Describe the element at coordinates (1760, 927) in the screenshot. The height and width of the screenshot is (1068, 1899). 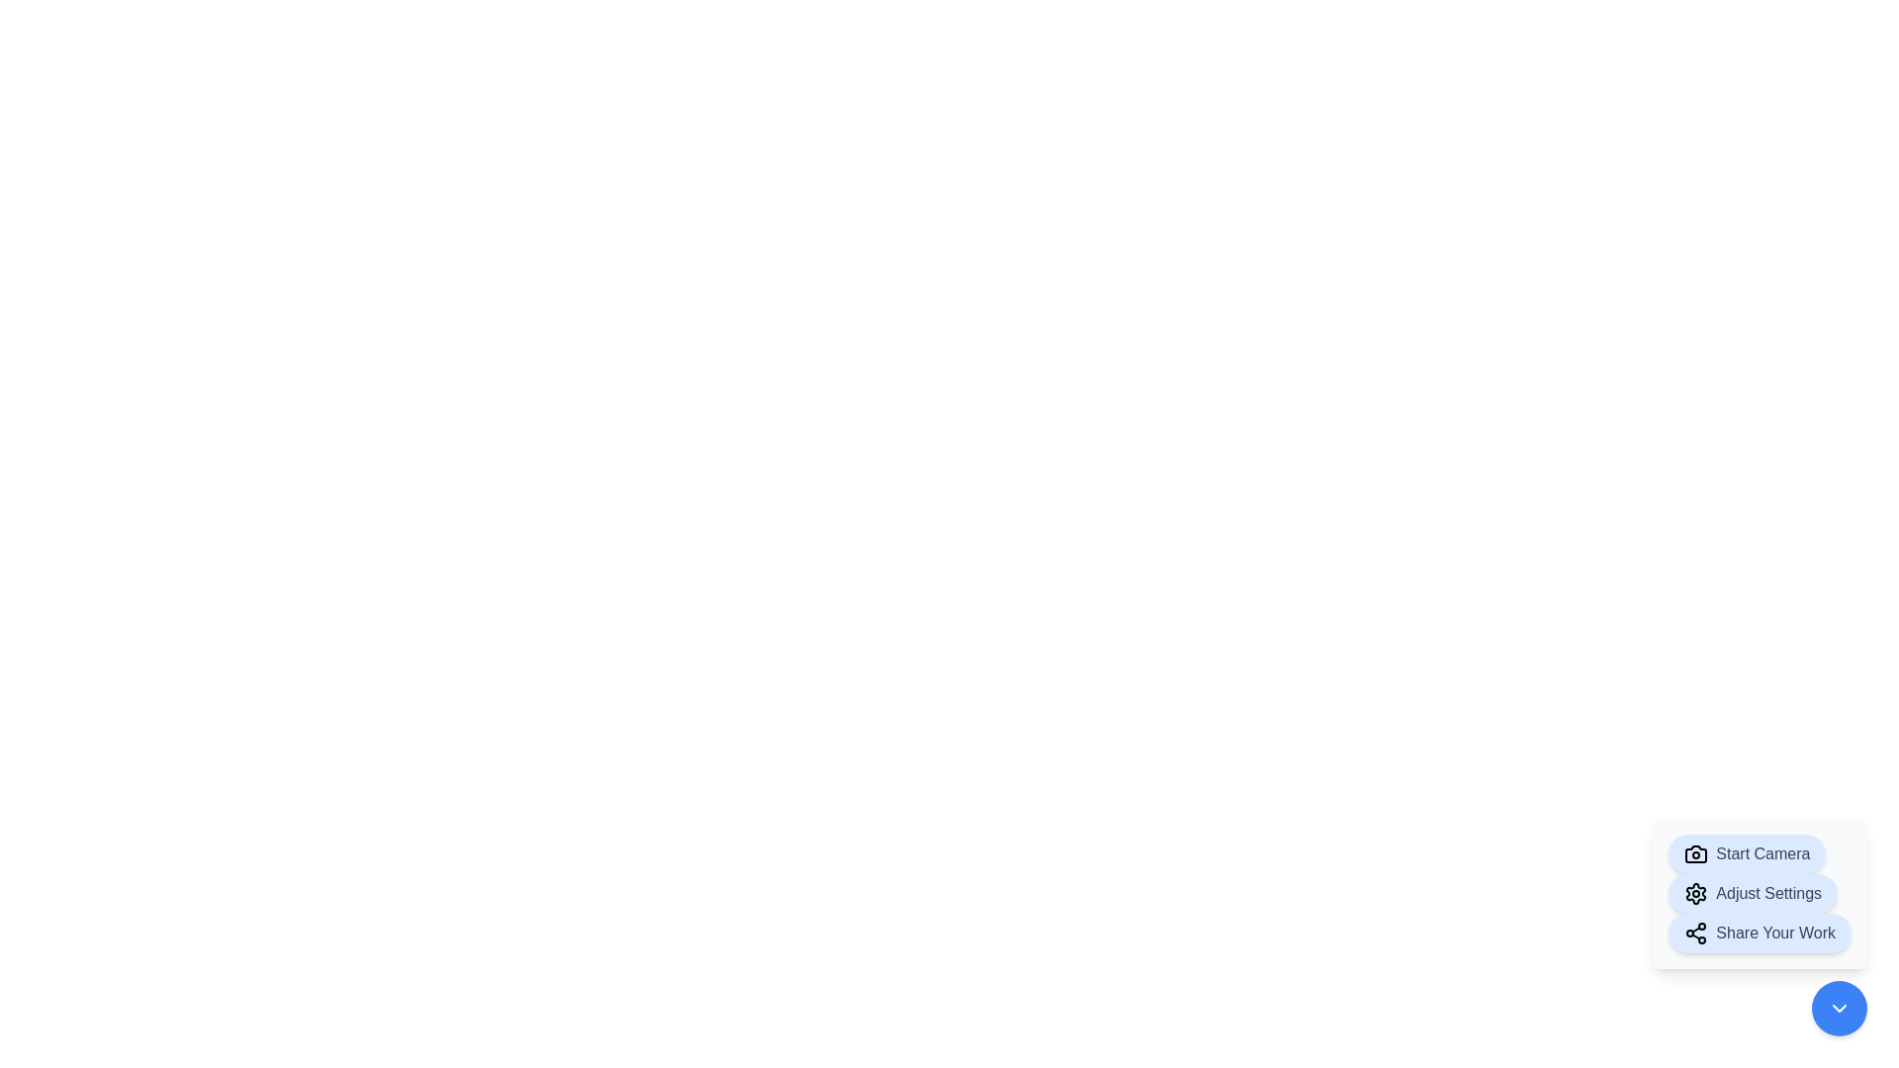
I see `the light blue rounded button labeled 'Share Your Work' for customization, which is located at the bottom right section of the interface, below the 'Adjust Settings' button` at that location.